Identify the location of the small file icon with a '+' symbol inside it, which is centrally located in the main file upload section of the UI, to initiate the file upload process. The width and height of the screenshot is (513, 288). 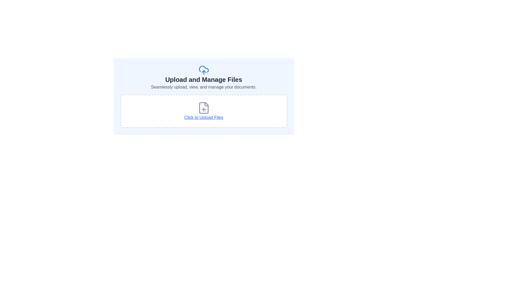
(203, 108).